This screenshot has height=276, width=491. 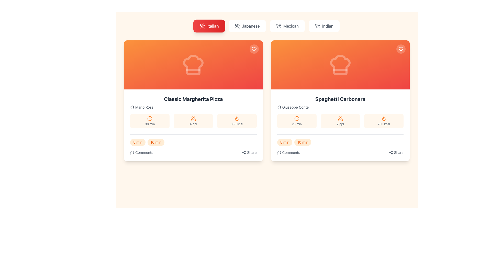 What do you see at coordinates (401, 49) in the screenshot?
I see `the heart icon button located at the top-right corner of the red gradient header of the second card` at bounding box center [401, 49].